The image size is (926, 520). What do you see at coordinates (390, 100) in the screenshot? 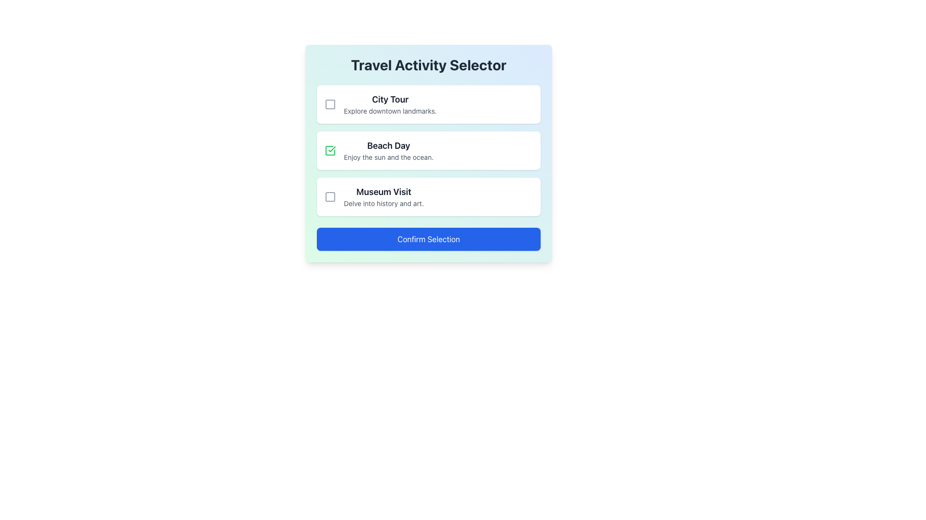
I see `the 'City Tour' text label, which is prominently displayed in bold black text and aligned to the left, located in the top-left section of a panel` at bounding box center [390, 100].